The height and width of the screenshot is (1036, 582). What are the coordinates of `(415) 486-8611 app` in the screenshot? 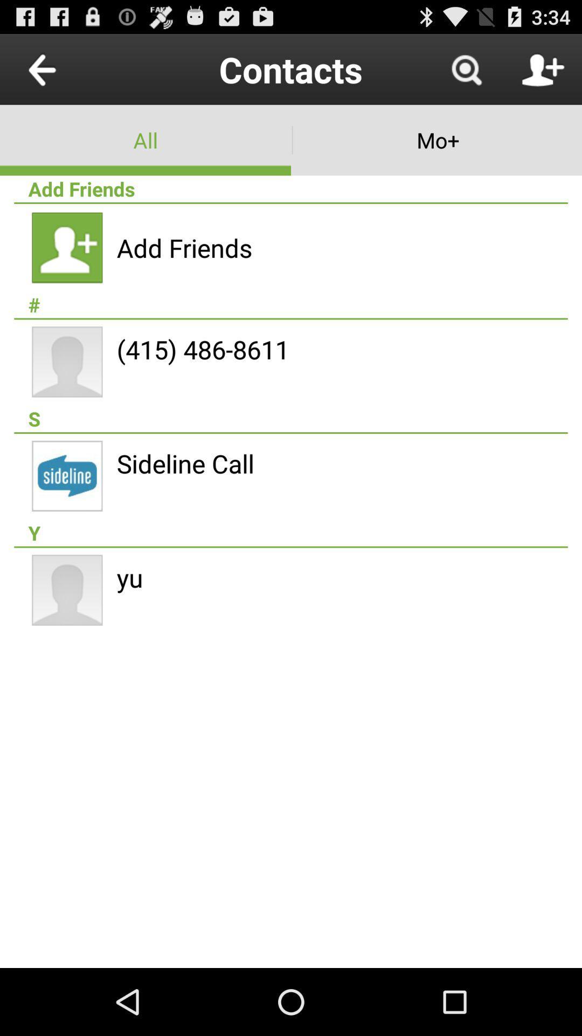 It's located at (203, 349).